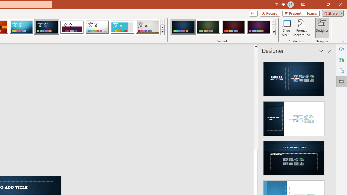 The width and height of the screenshot is (347, 195). What do you see at coordinates (294, 77) in the screenshot?
I see `'Recommended Design: Design Idea'` at bounding box center [294, 77].